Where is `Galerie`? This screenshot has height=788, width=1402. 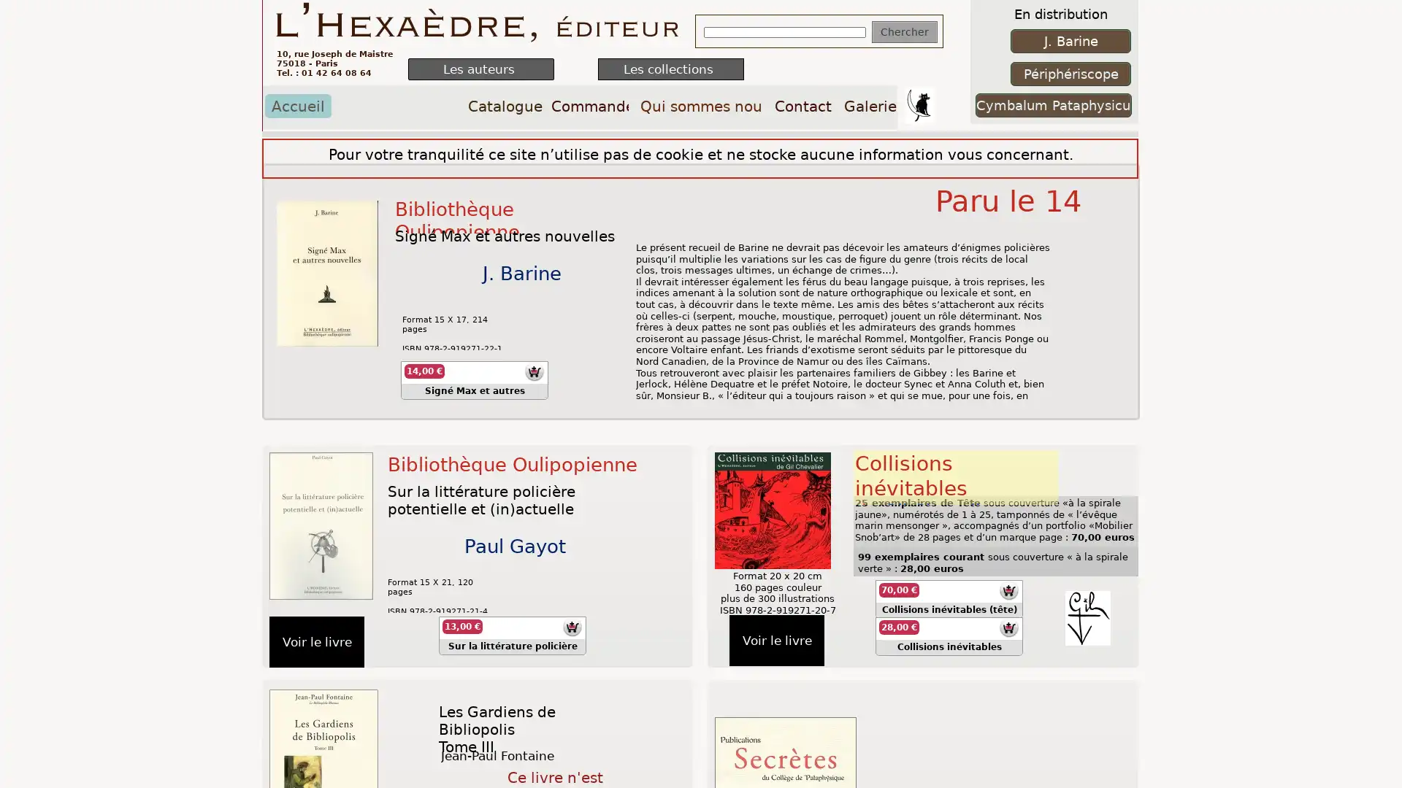 Galerie is located at coordinates (870, 105).